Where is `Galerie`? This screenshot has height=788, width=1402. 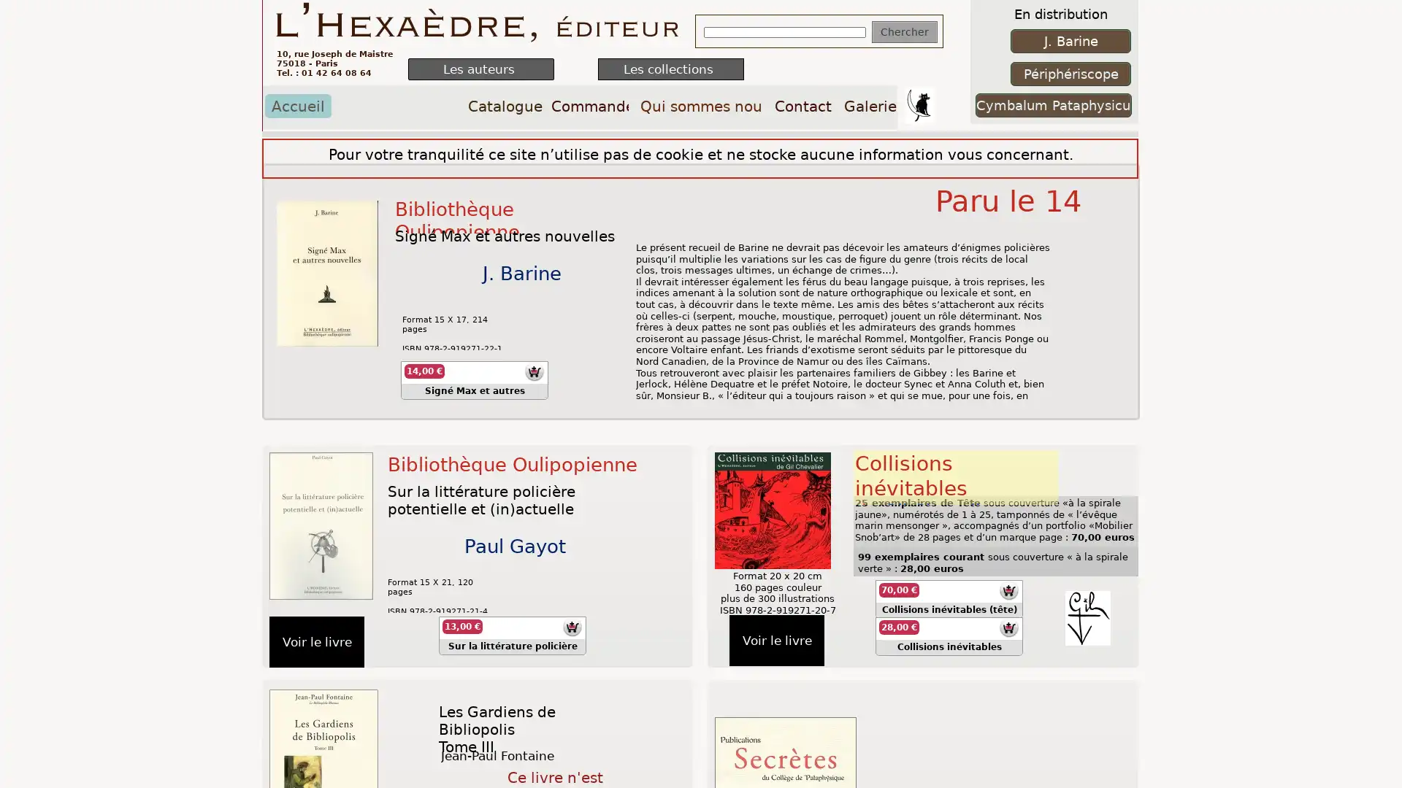 Galerie is located at coordinates (870, 105).